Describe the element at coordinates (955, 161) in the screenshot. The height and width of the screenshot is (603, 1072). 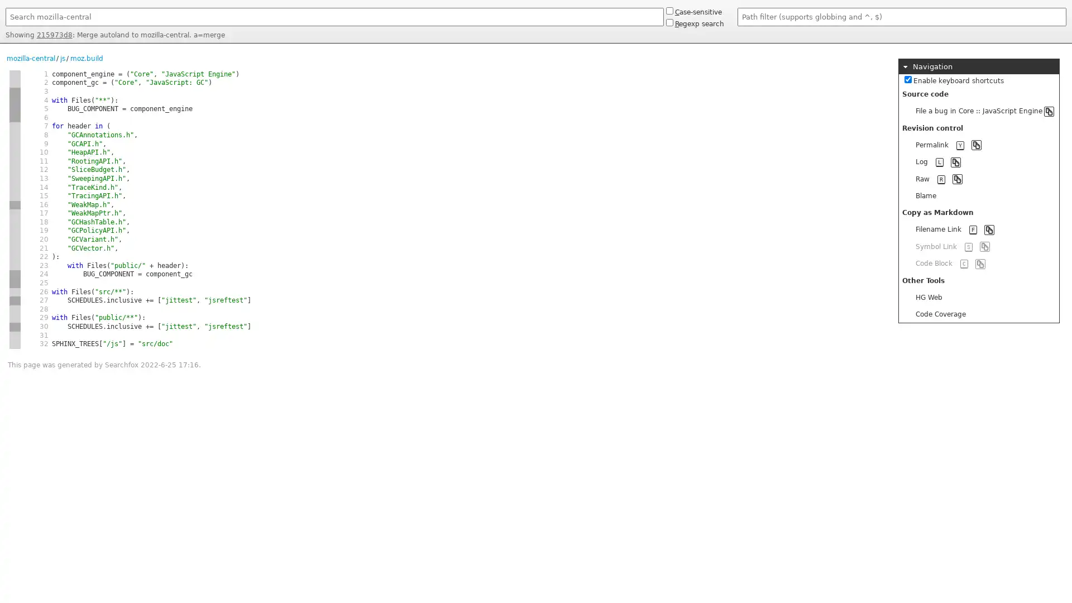
I see `Copy to clipboard` at that location.